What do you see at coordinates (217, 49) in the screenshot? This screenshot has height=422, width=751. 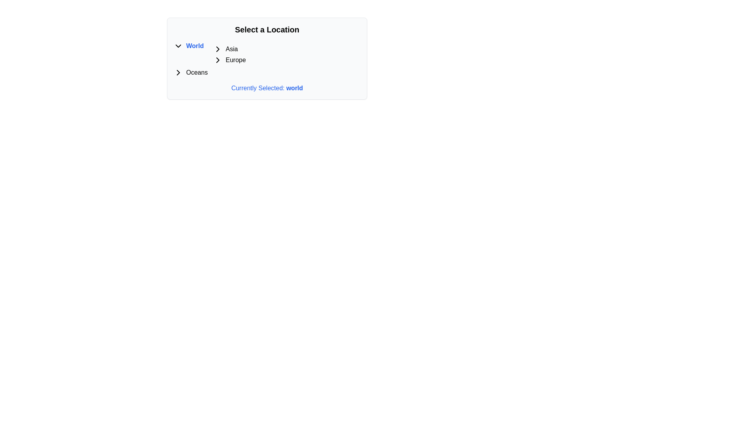 I see `the right-facing chevron icon next to the 'Asia' label` at bounding box center [217, 49].